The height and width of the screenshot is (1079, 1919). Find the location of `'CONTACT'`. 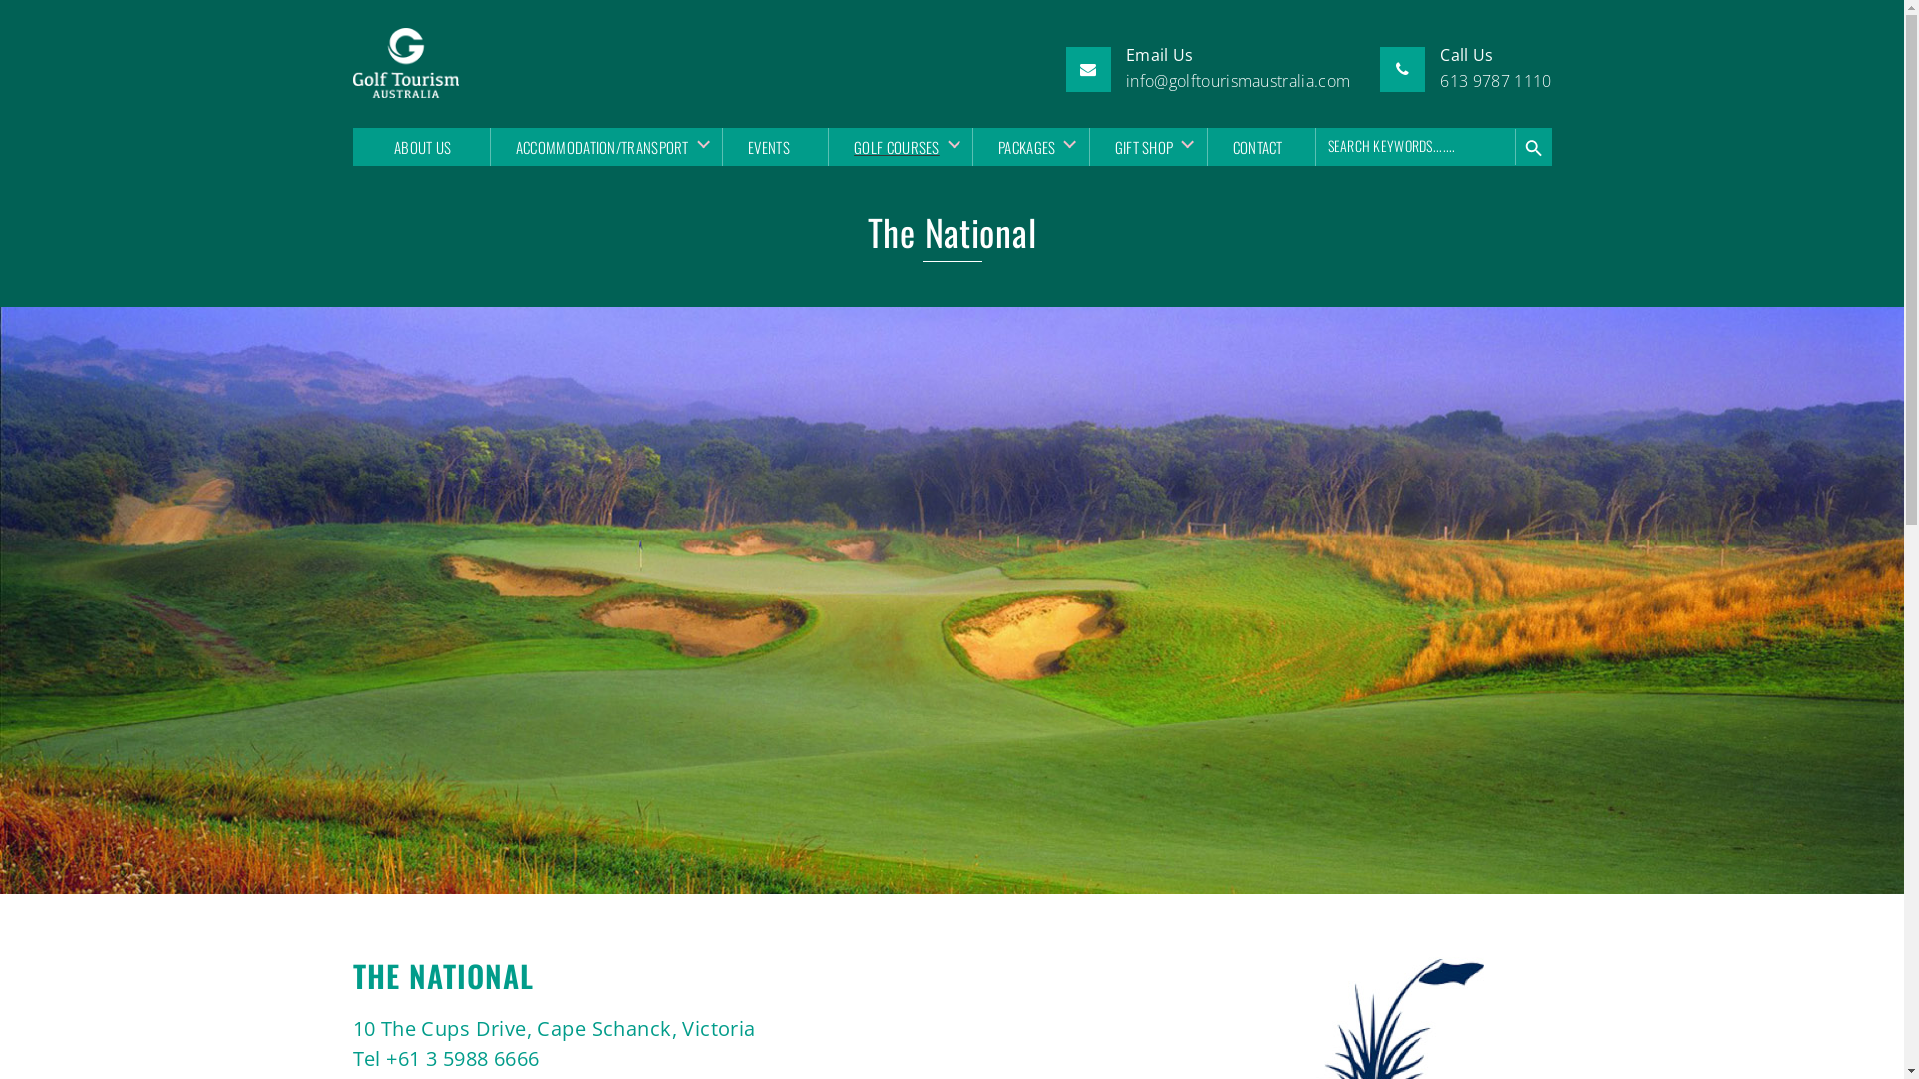

'CONTACT' is located at coordinates (1256, 145).